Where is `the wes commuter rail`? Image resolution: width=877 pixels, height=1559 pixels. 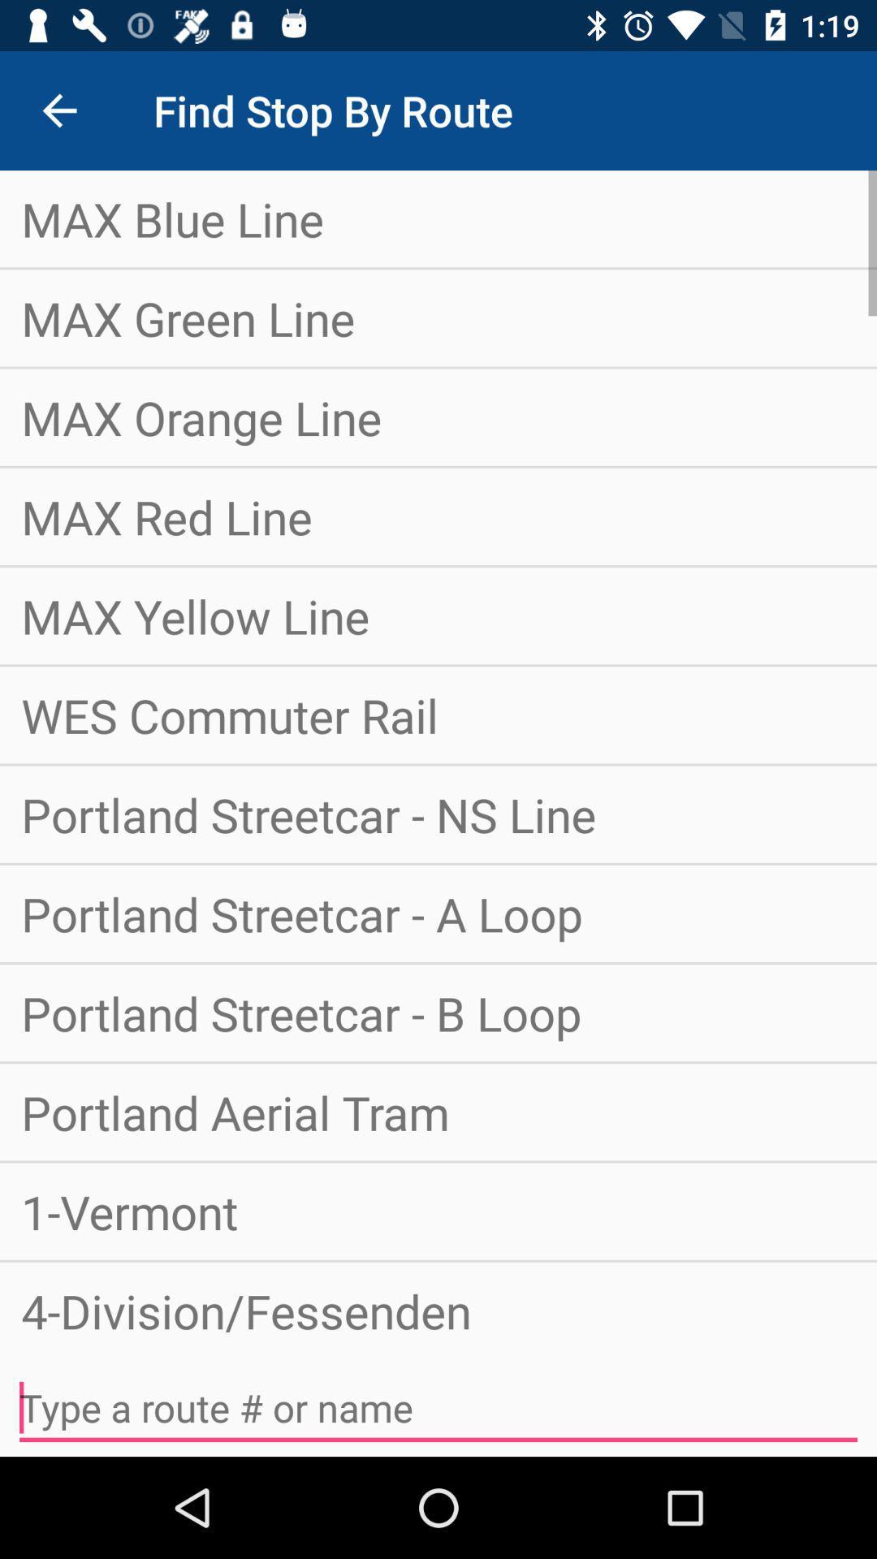
the wes commuter rail is located at coordinates (438, 715).